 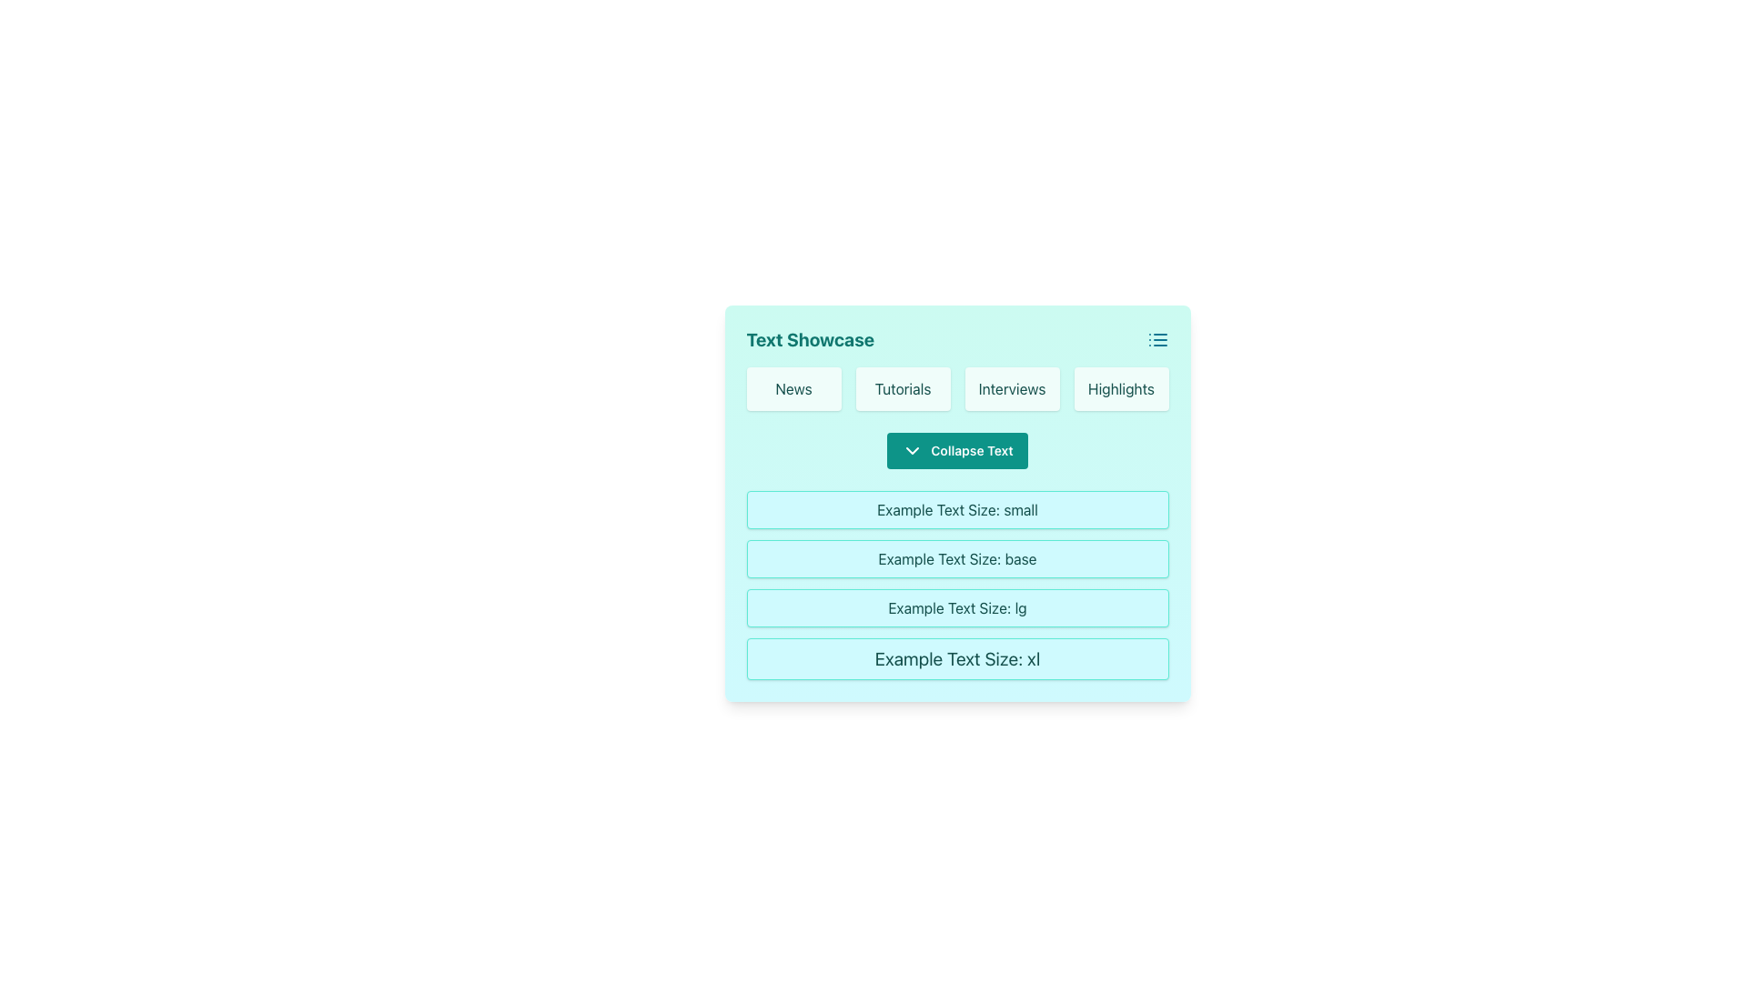 I want to click on the toggle button that collapses or expands the content section, located centrally below the row of buttons labeled 'News', 'Tutorials', 'Interviews', and 'Highlights', so click(x=956, y=450).